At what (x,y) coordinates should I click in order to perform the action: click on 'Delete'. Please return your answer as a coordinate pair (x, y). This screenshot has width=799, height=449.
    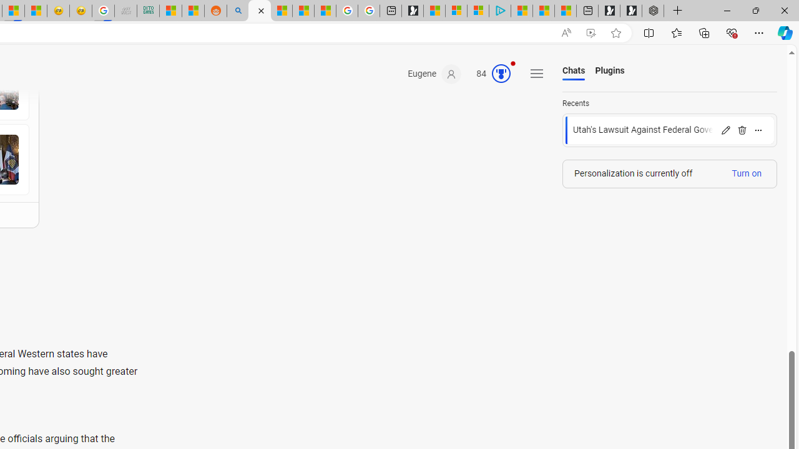
    Looking at the image, I should click on (742, 130).